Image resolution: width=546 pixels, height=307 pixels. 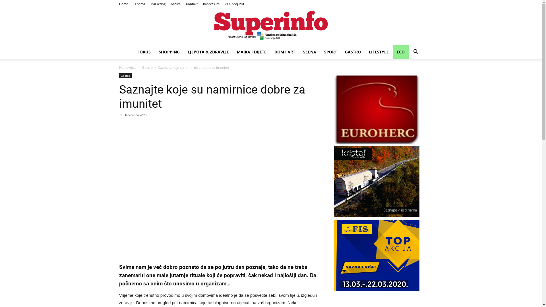 What do you see at coordinates (203, 4) in the screenshot?
I see `'Impressum'` at bounding box center [203, 4].